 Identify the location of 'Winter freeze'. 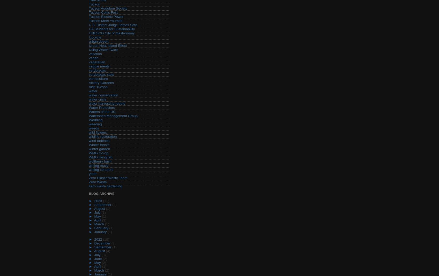
(99, 144).